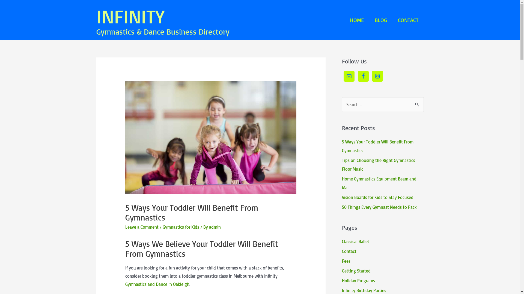 The image size is (524, 294). I want to click on 'CONTACT', so click(392, 20).